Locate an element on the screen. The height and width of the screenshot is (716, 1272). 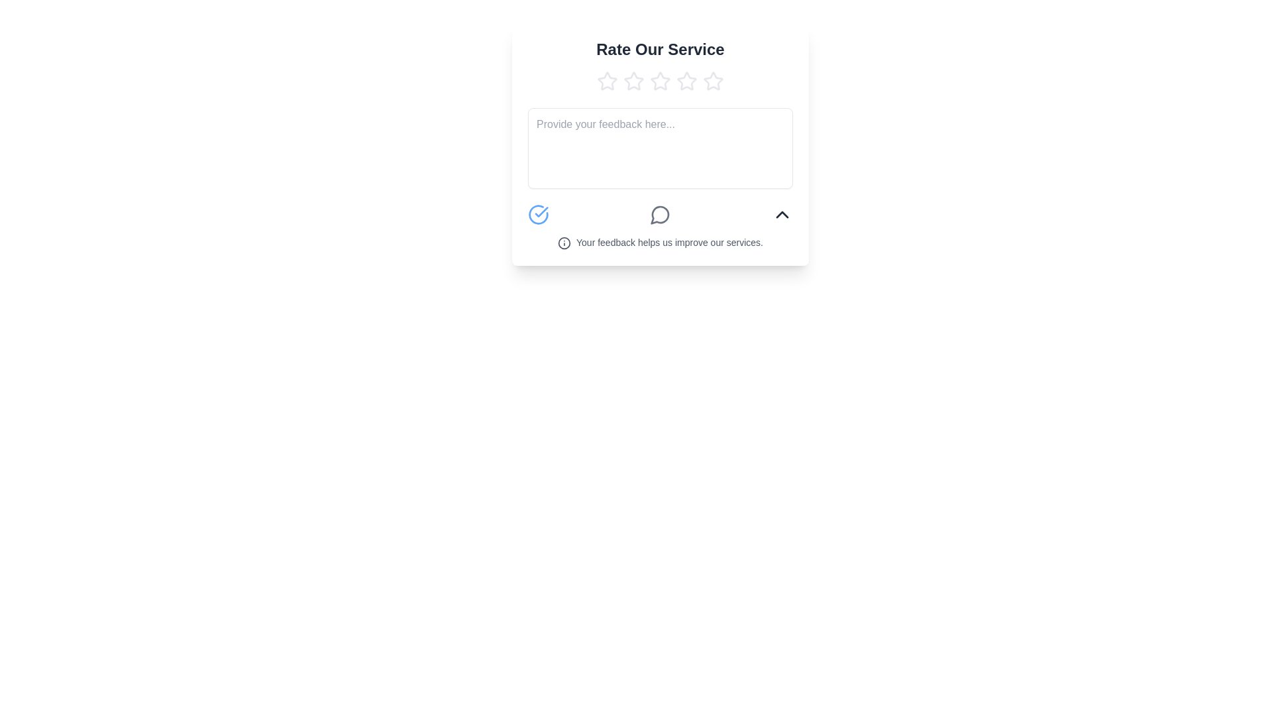
the third star in the rating row under 'Rate Our Service' to provide a rating is located at coordinates (686, 81).